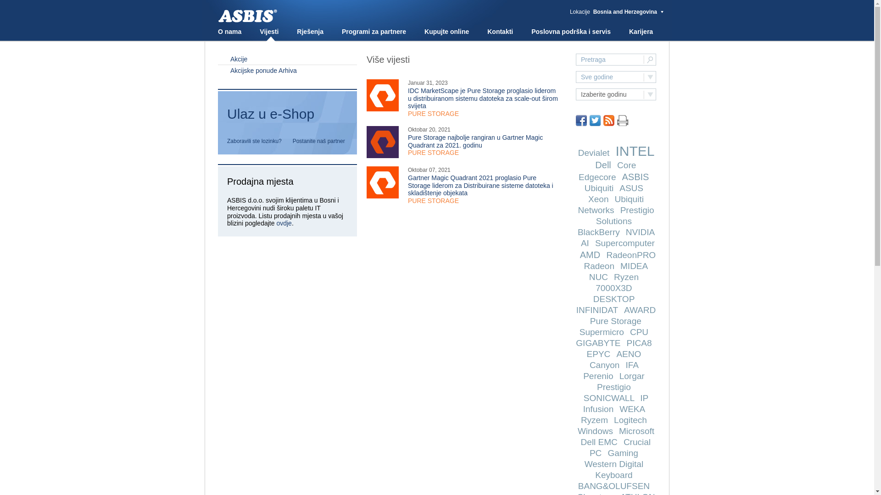 This screenshot has width=881, height=495. Describe the element at coordinates (619, 376) in the screenshot. I see `'Lorgar'` at that location.